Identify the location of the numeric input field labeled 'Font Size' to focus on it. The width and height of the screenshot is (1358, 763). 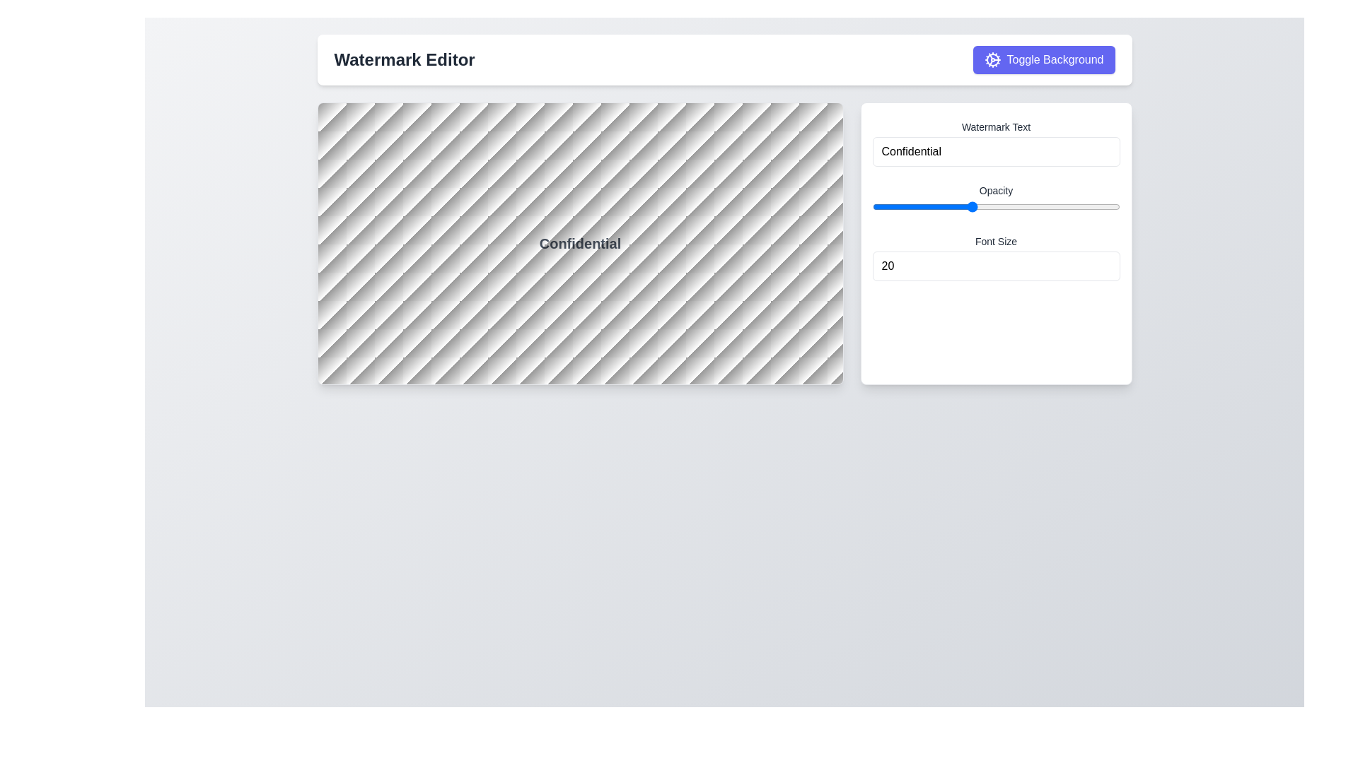
(995, 258).